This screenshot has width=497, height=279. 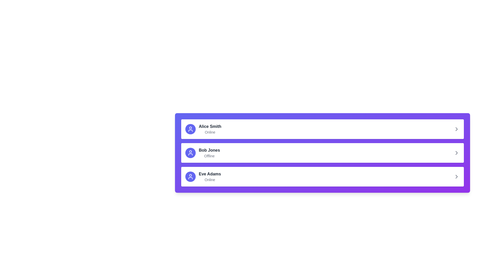 What do you see at coordinates (322, 129) in the screenshot?
I see `to select the user named 'Alice Smith', who is the first item in a list of online users` at bounding box center [322, 129].